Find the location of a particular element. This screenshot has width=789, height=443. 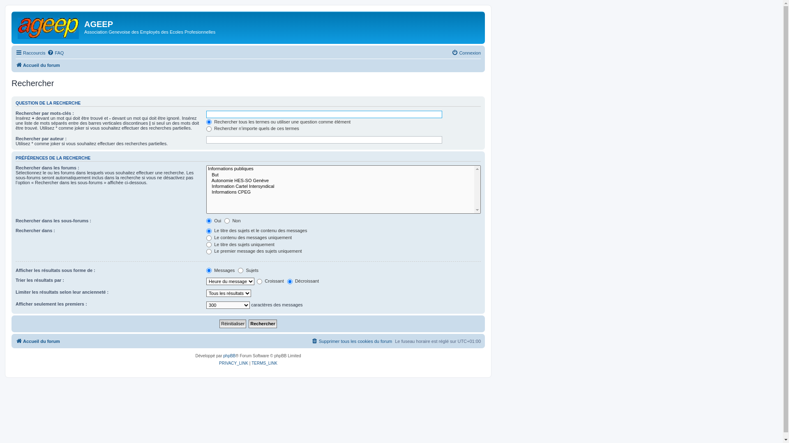

'phpBB' is located at coordinates (229, 355).